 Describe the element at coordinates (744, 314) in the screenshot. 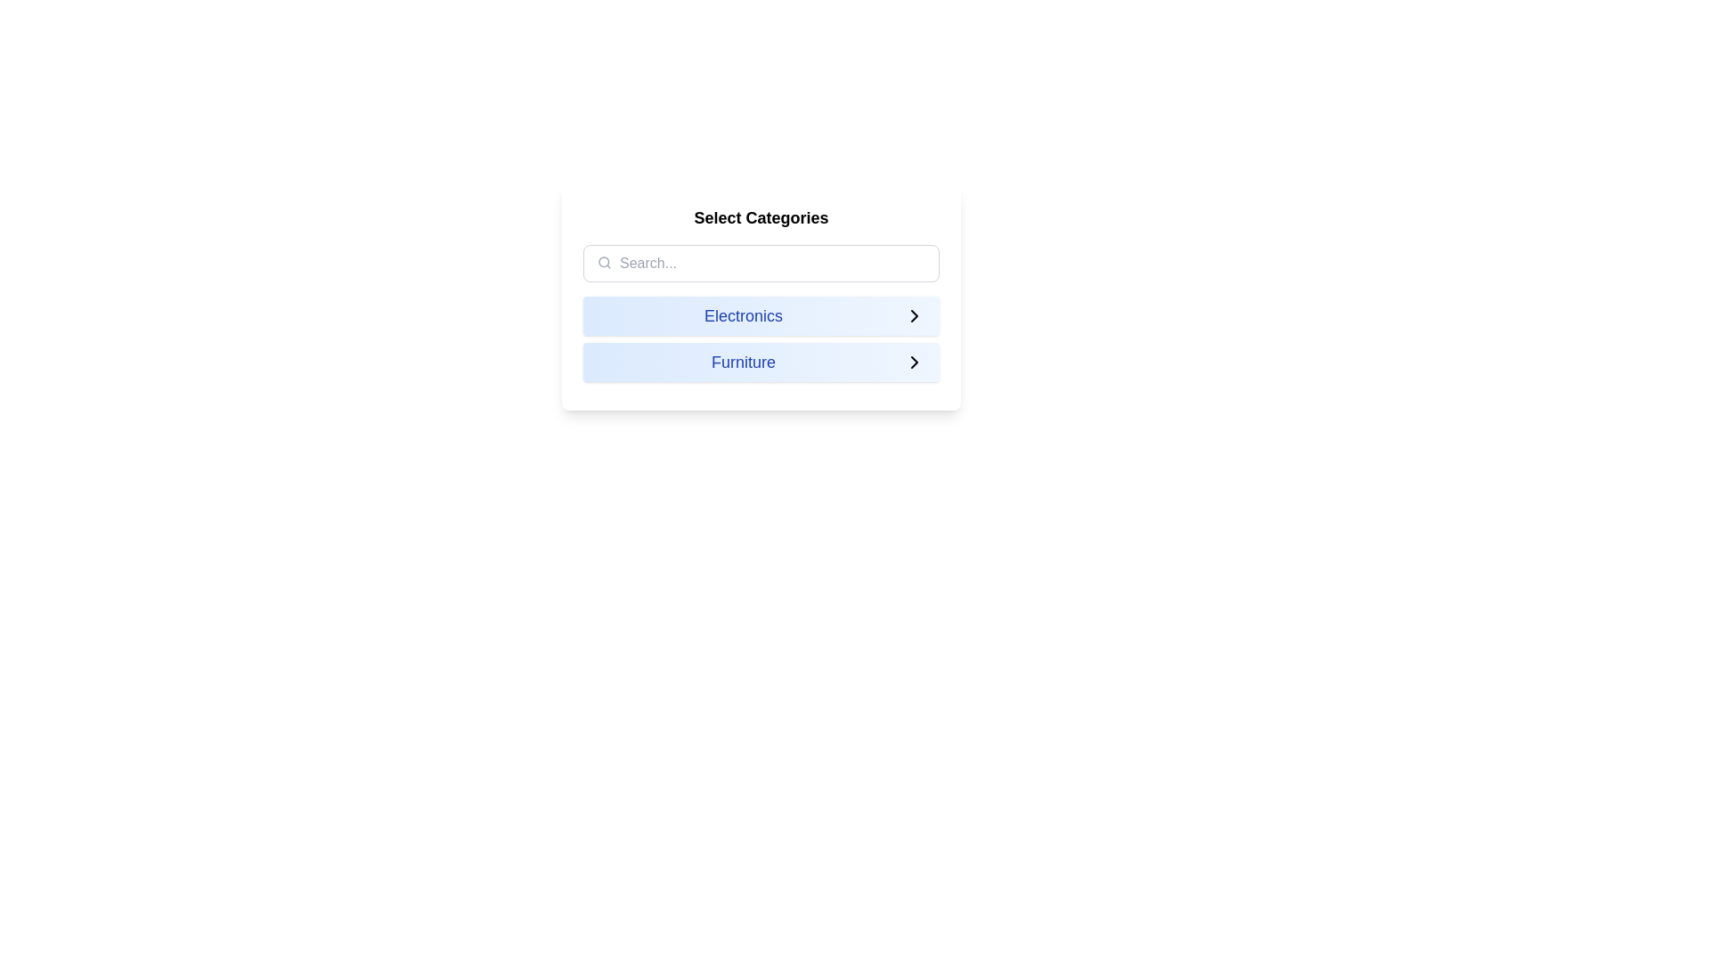

I see `the 'Electronics' text label within the blue button` at that location.